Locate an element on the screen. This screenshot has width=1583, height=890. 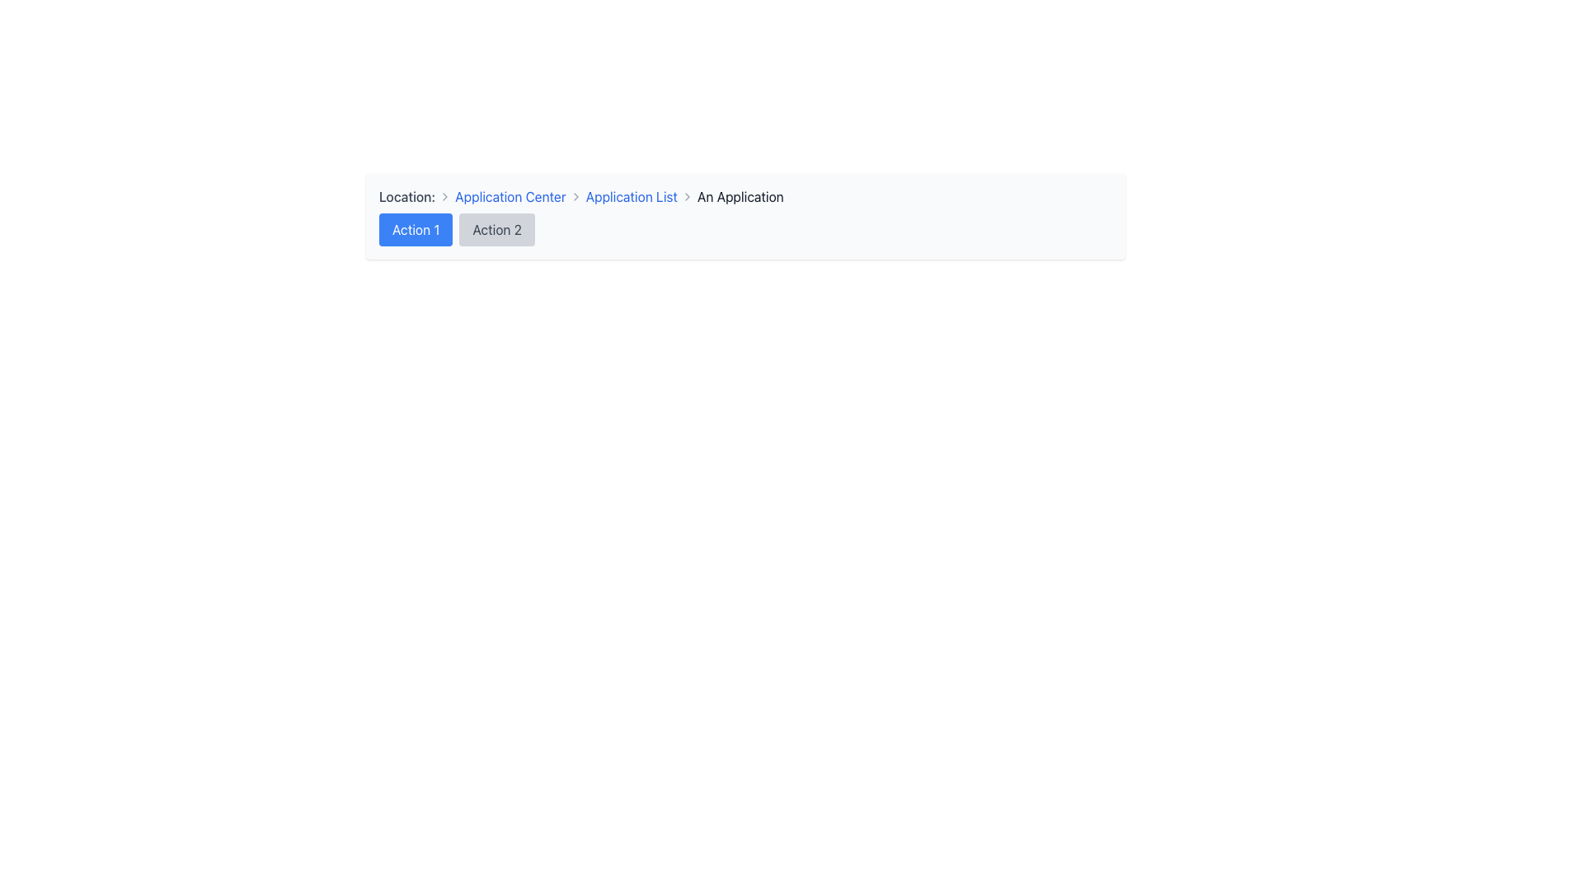
the Breadcrumb Navigation Bar is located at coordinates (745, 196).